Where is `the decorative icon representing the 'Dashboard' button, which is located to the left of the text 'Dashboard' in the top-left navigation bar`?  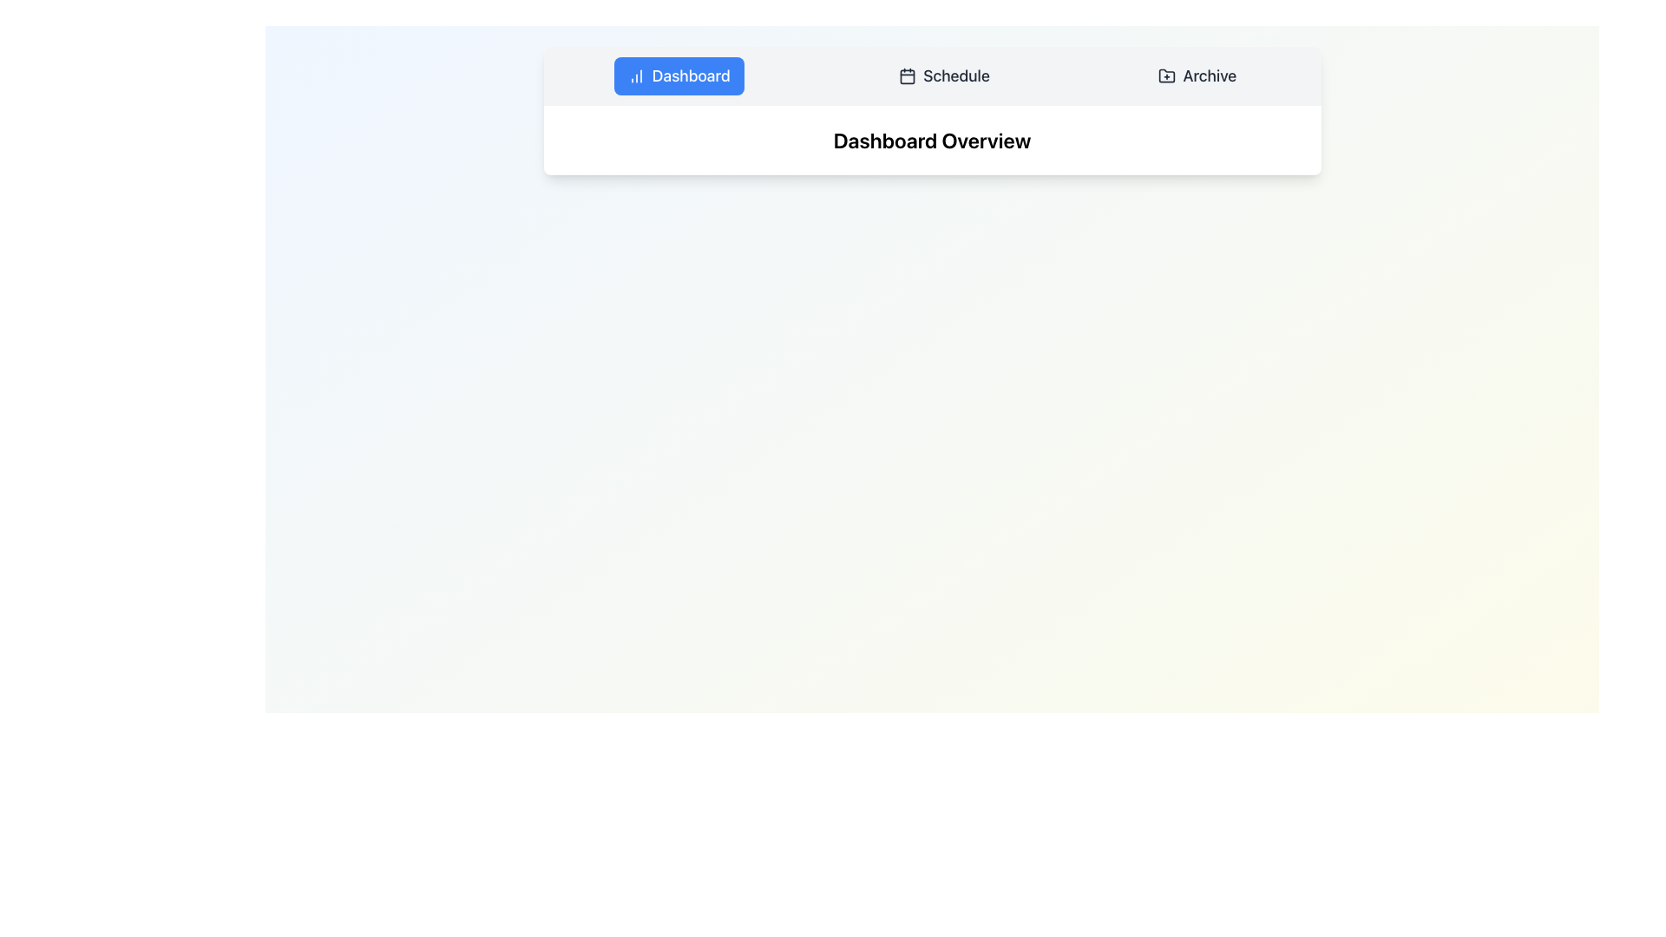
the decorative icon representing the 'Dashboard' button, which is located to the left of the text 'Dashboard' in the top-left navigation bar is located at coordinates (635, 75).